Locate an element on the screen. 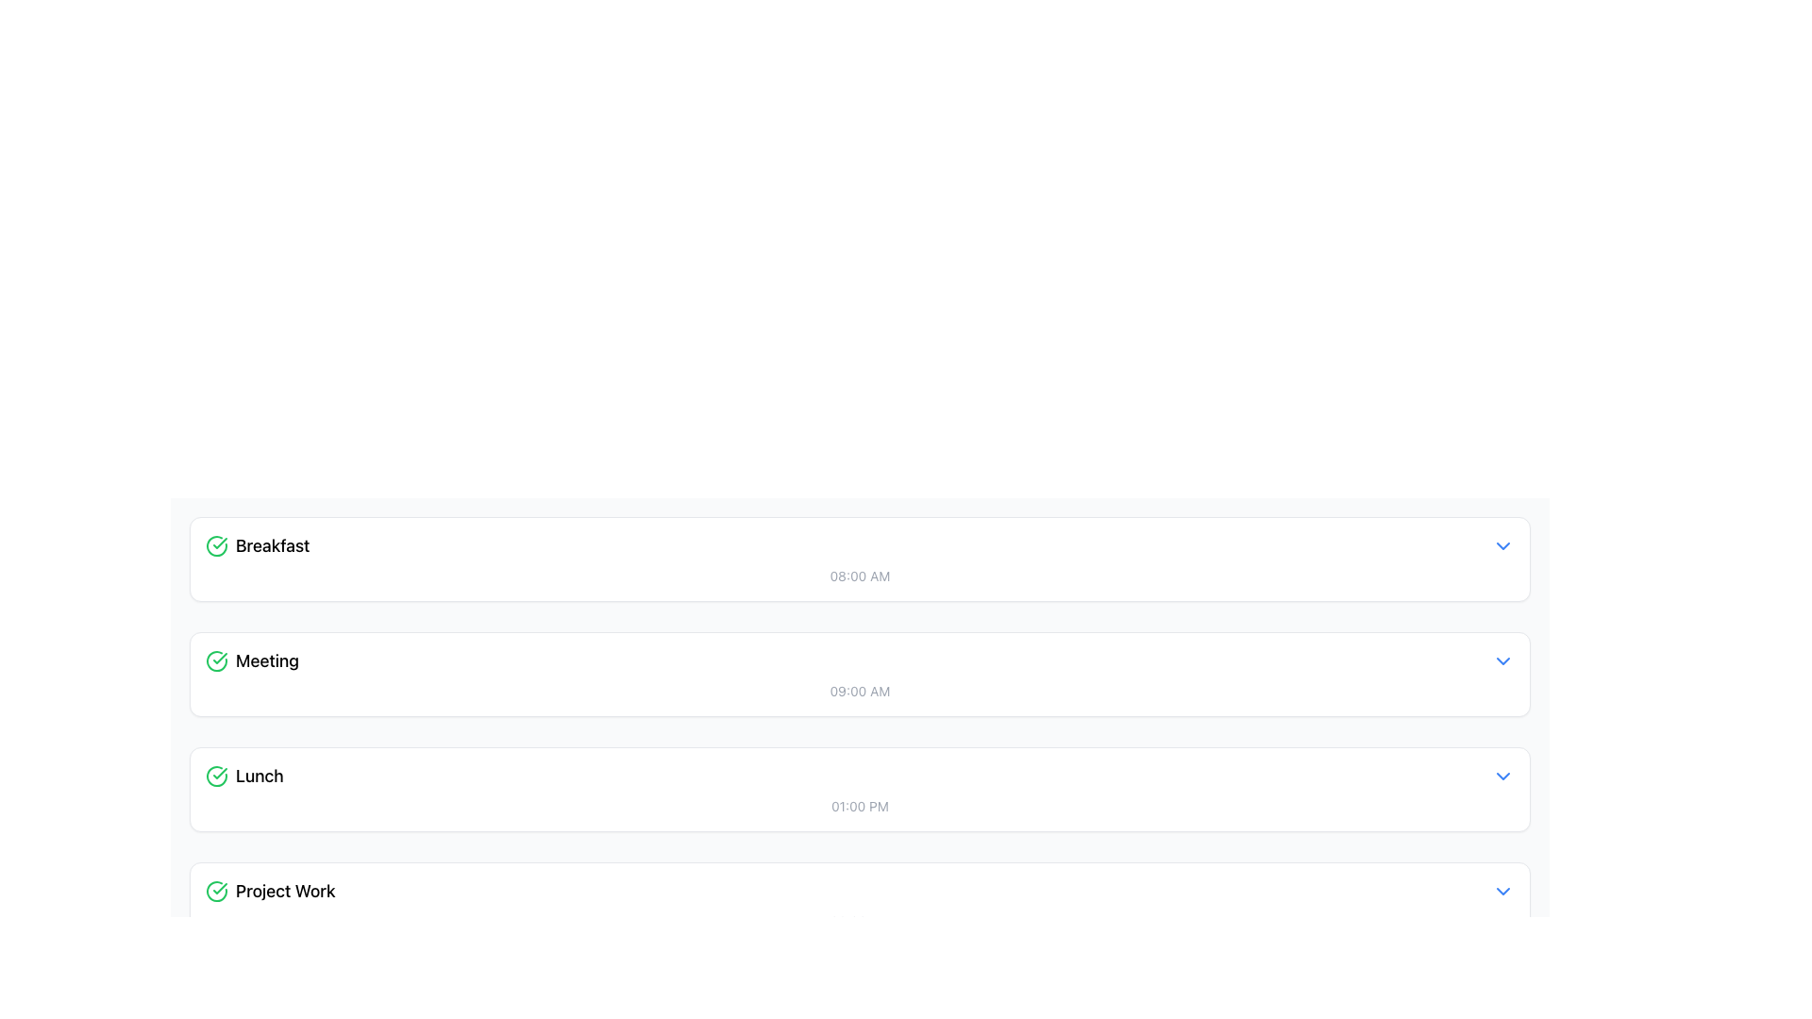 The width and height of the screenshot is (1812, 1019). the circular green icon with a checkmark that is adjacent to the text 'Project Work', located at the bottom of a vertically stacked list is located at coordinates (217, 892).